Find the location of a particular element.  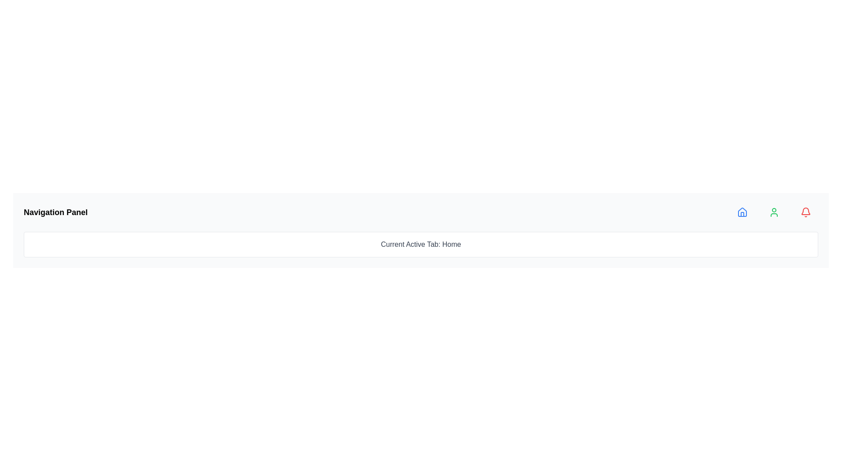

the outlined bell icon representing a notification indicator located in the top-right corner of the interface is located at coordinates (805, 211).